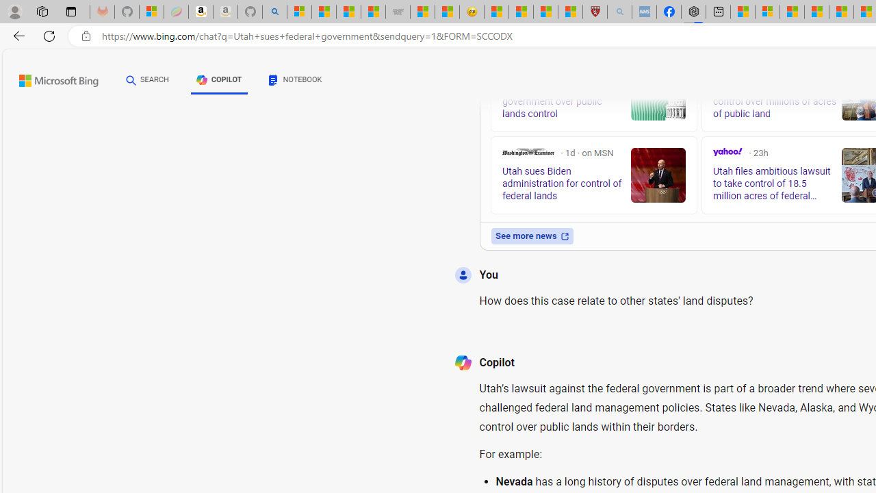  I want to click on 'Back to Bing search', so click(50, 78).